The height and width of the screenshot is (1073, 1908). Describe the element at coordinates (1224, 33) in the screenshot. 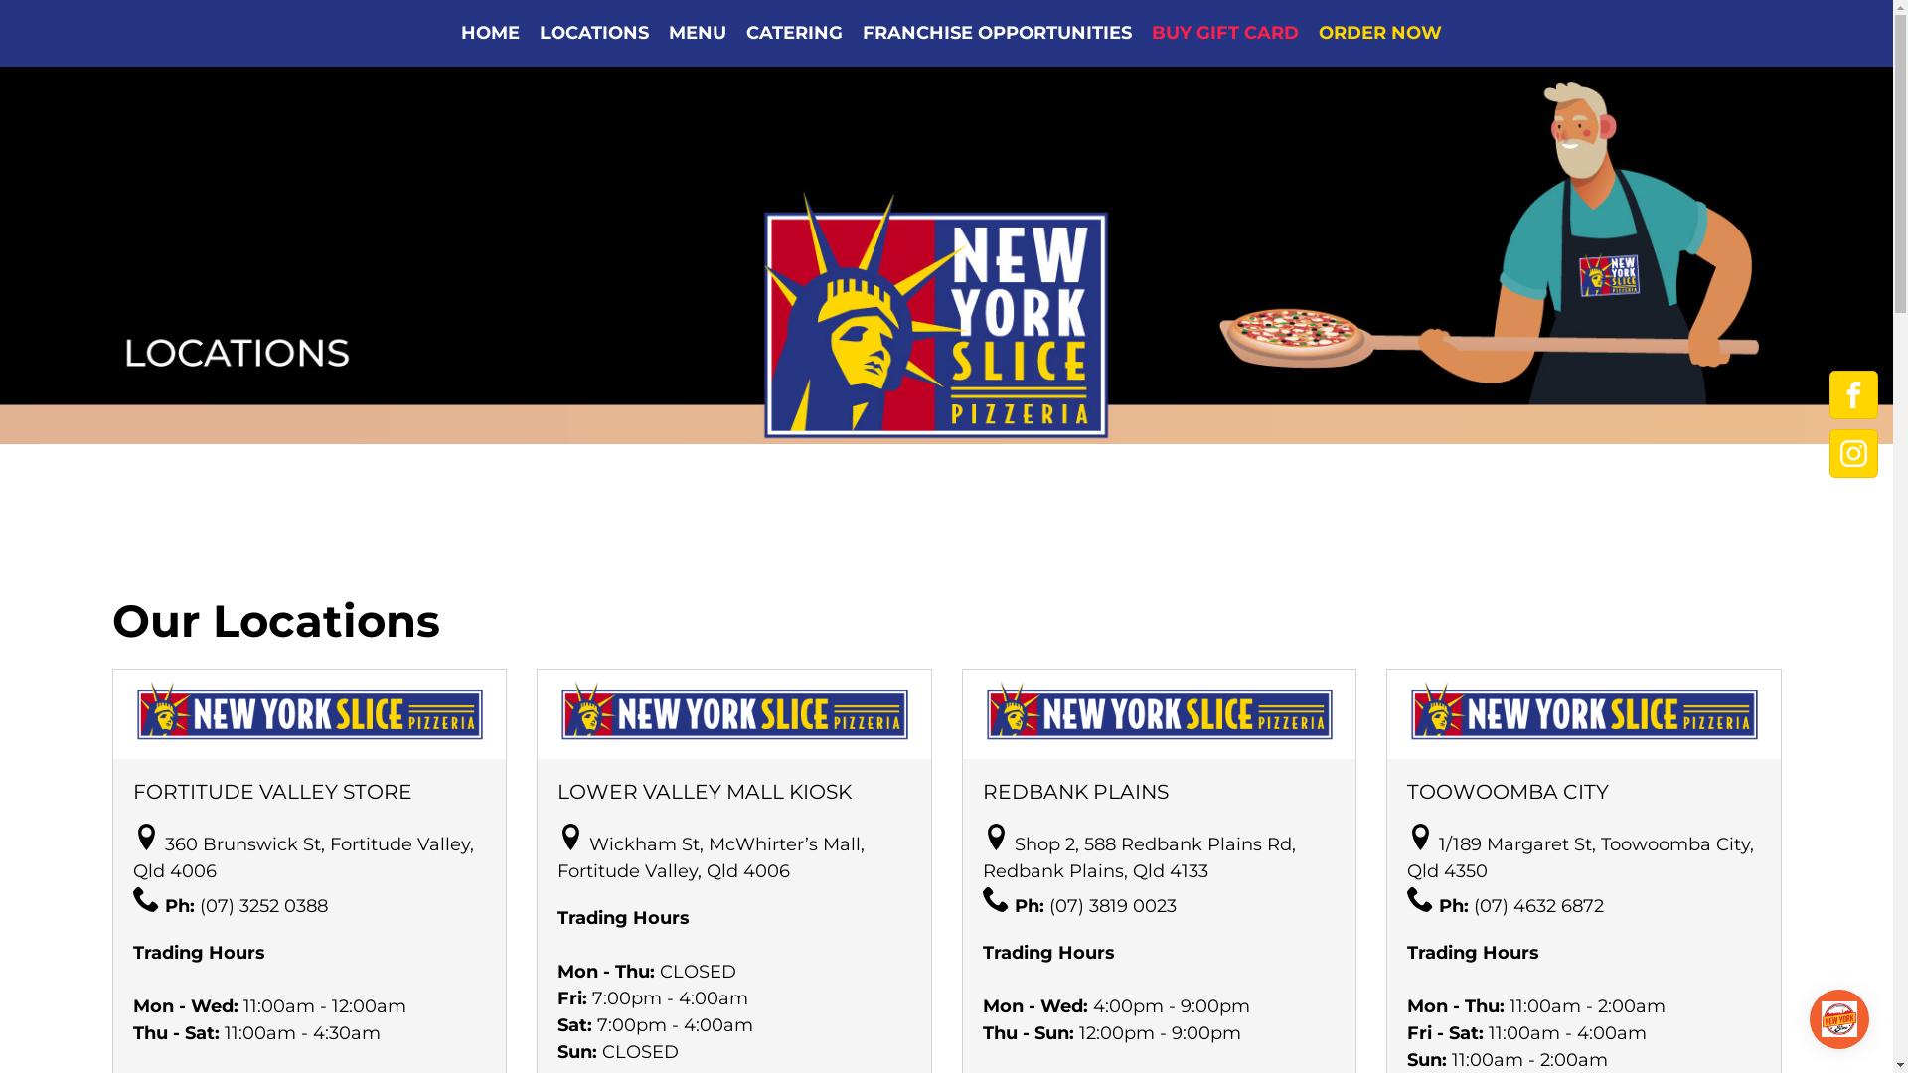

I see `'BUY GIFT CARD'` at that location.